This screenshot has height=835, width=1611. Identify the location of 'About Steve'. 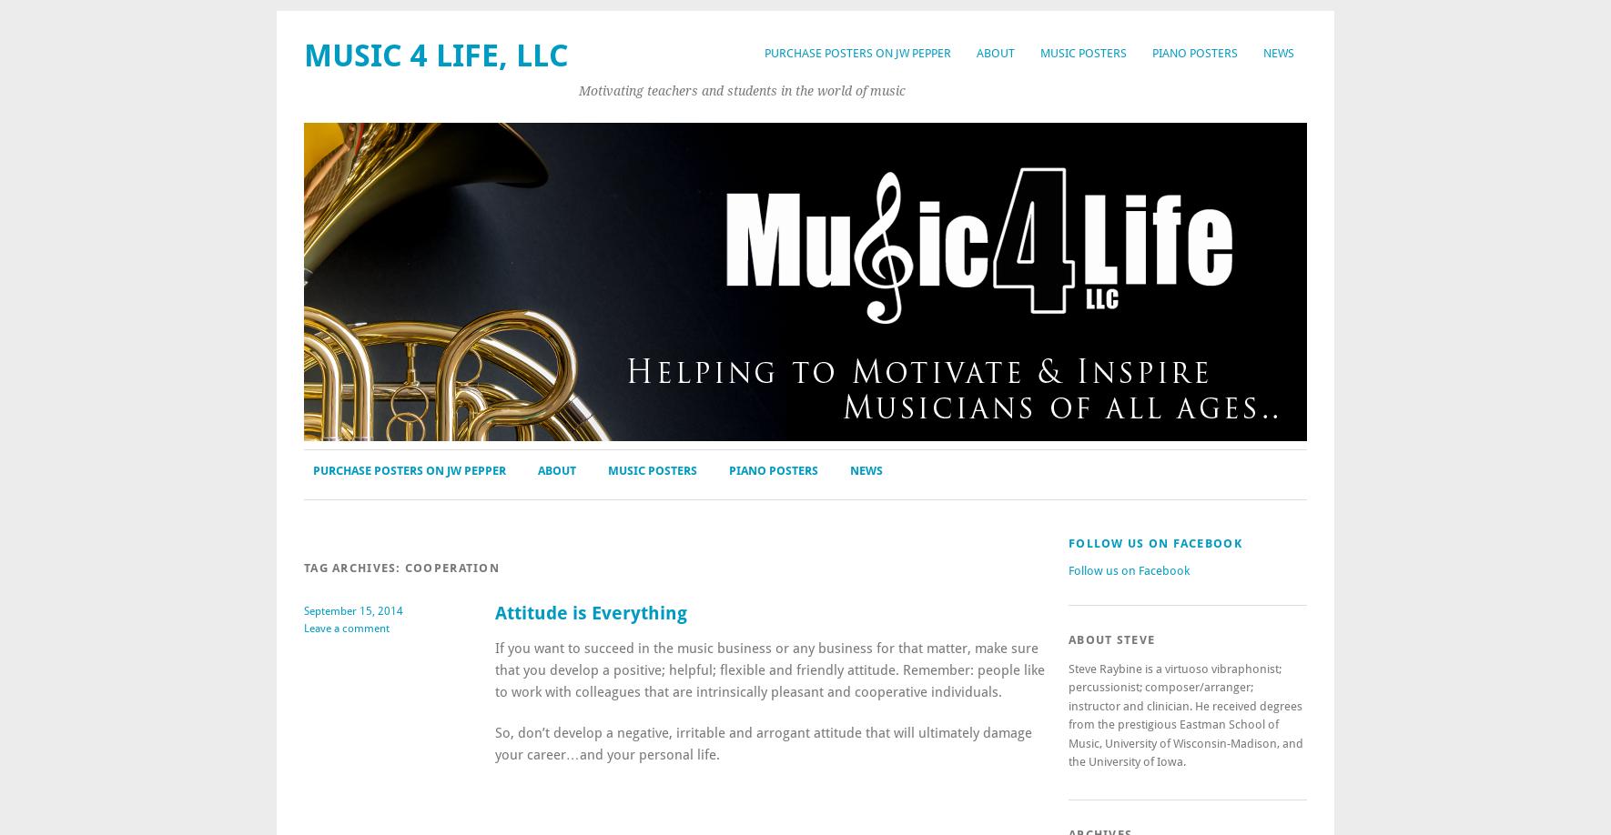
(1110, 639).